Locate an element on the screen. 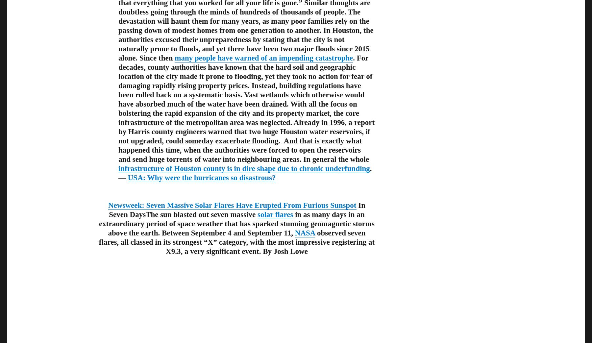 This screenshot has width=592, height=343. 'solar flares' is located at coordinates (275, 214).